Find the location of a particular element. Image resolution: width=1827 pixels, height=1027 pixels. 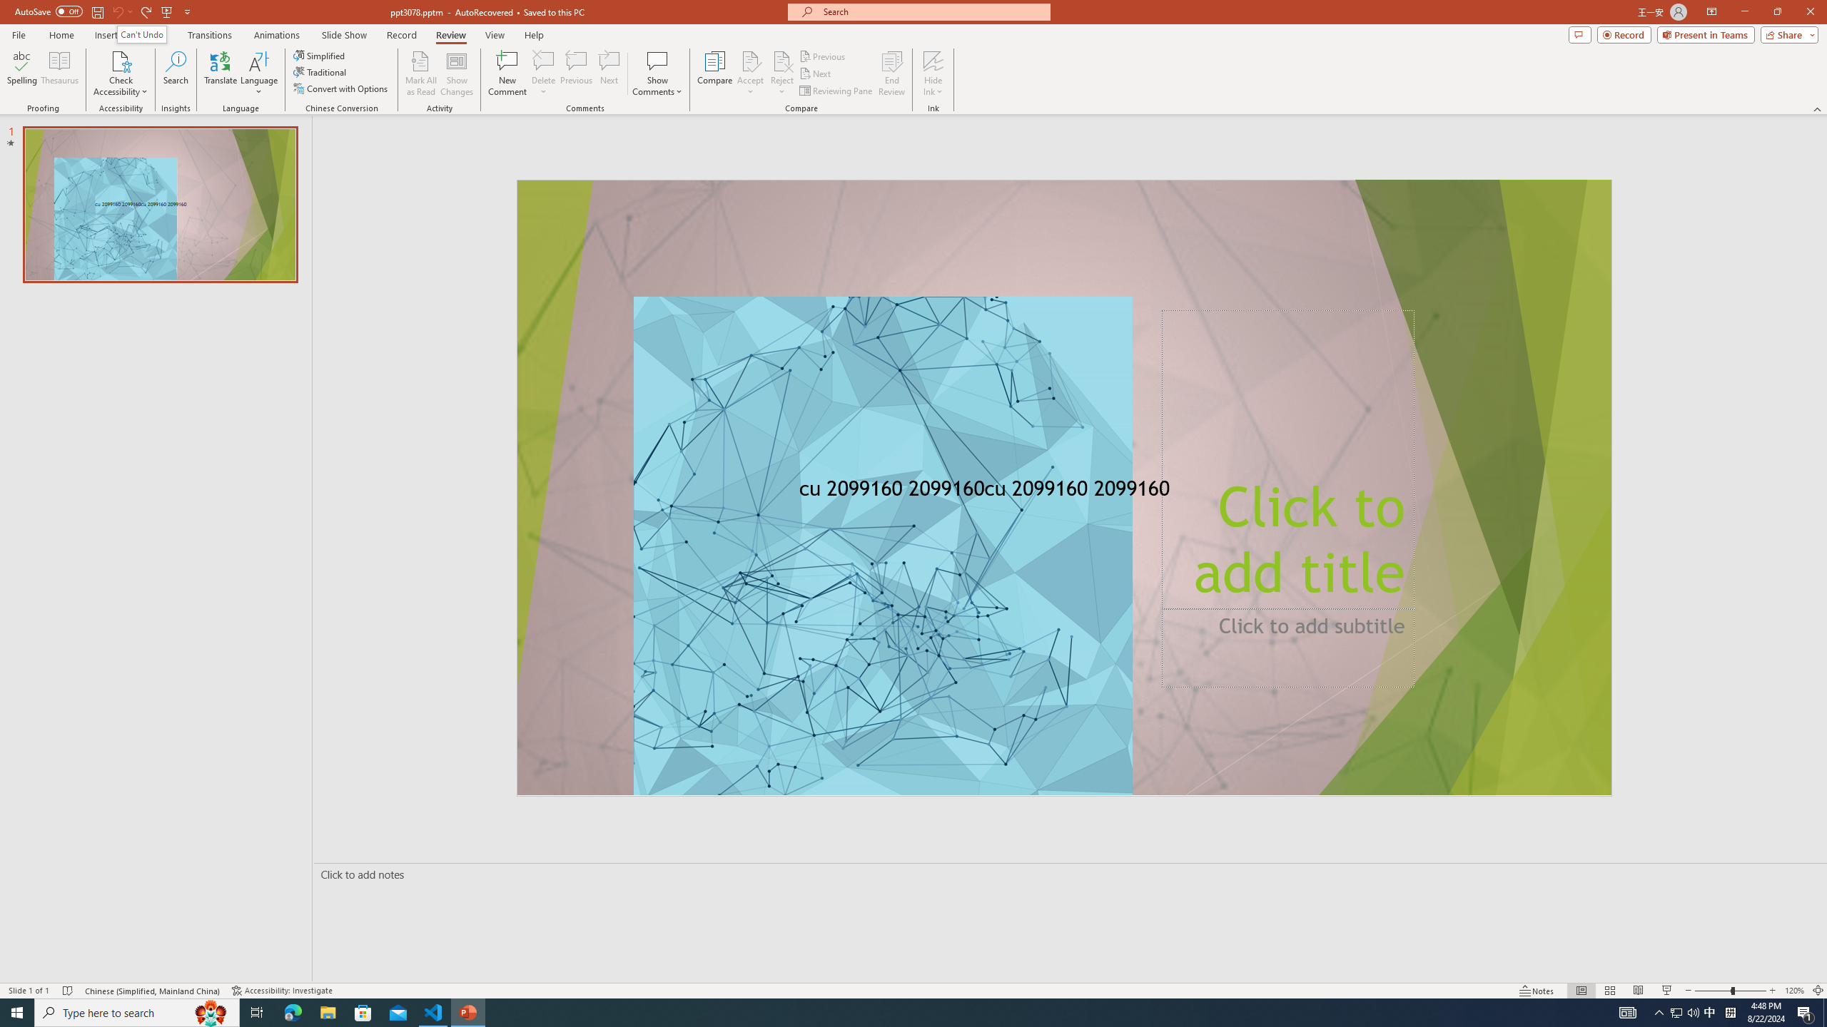

'Show Changes' is located at coordinates (457, 73).